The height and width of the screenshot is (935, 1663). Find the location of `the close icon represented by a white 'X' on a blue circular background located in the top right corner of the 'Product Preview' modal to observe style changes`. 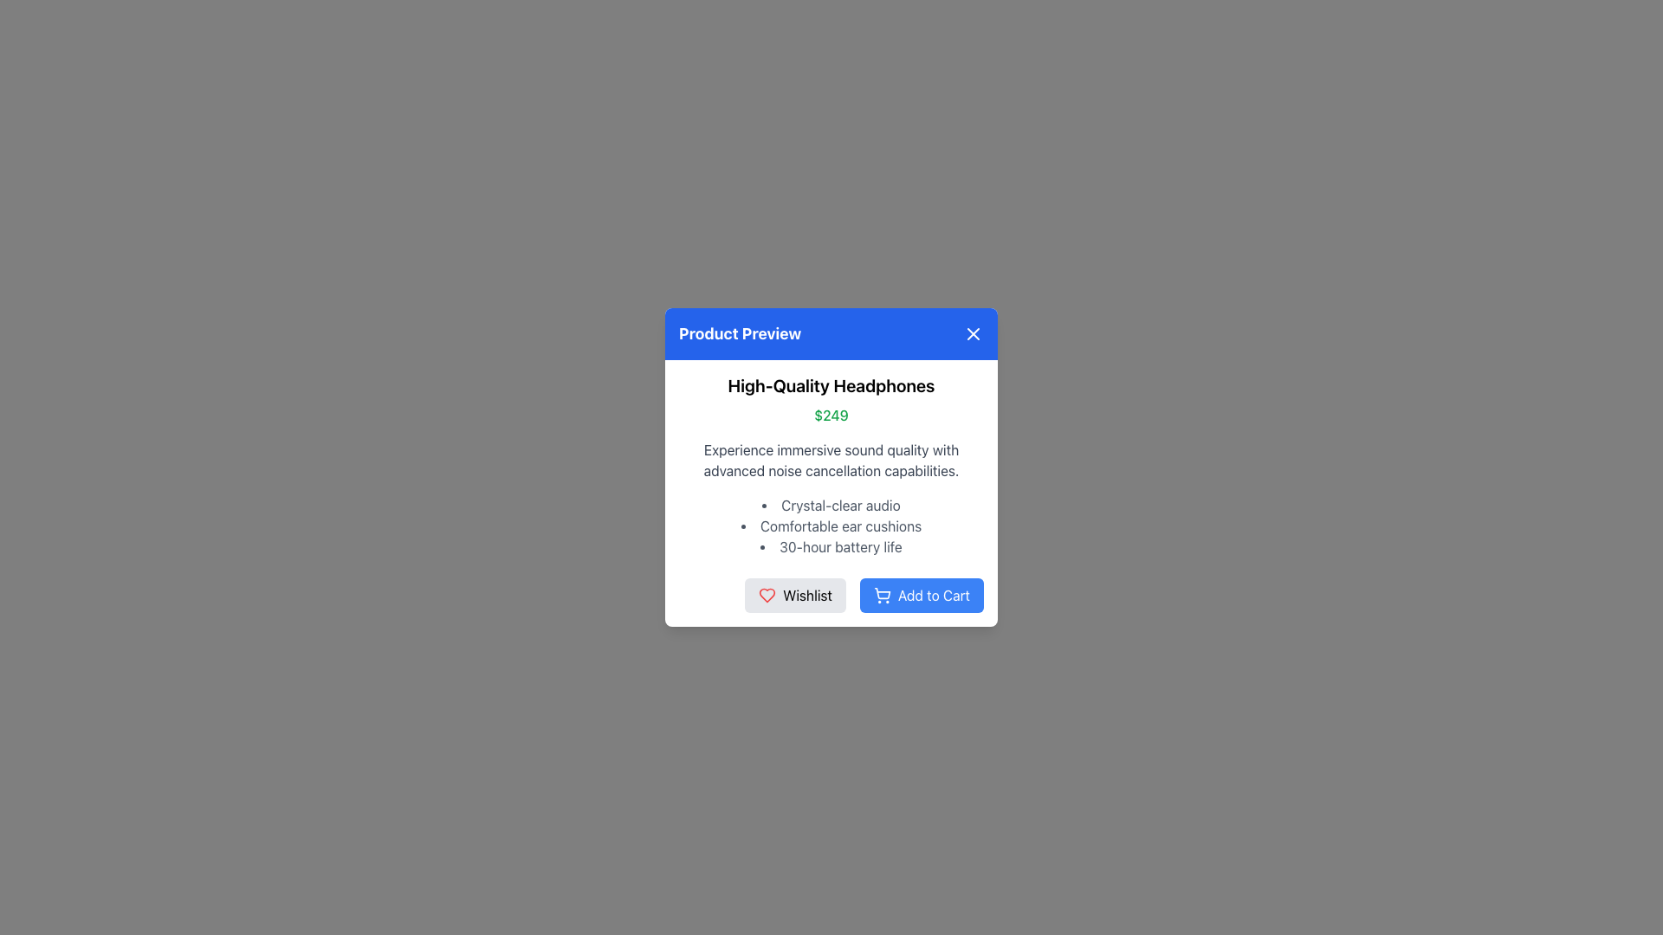

the close icon represented by a white 'X' on a blue circular background located in the top right corner of the 'Product Preview' modal to observe style changes is located at coordinates (973, 333).